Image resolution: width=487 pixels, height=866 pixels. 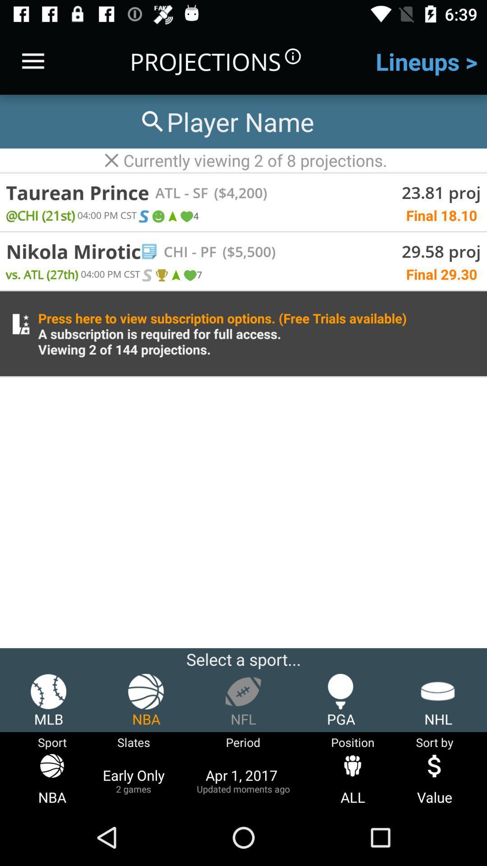 I want to click on go search, so click(x=225, y=121).